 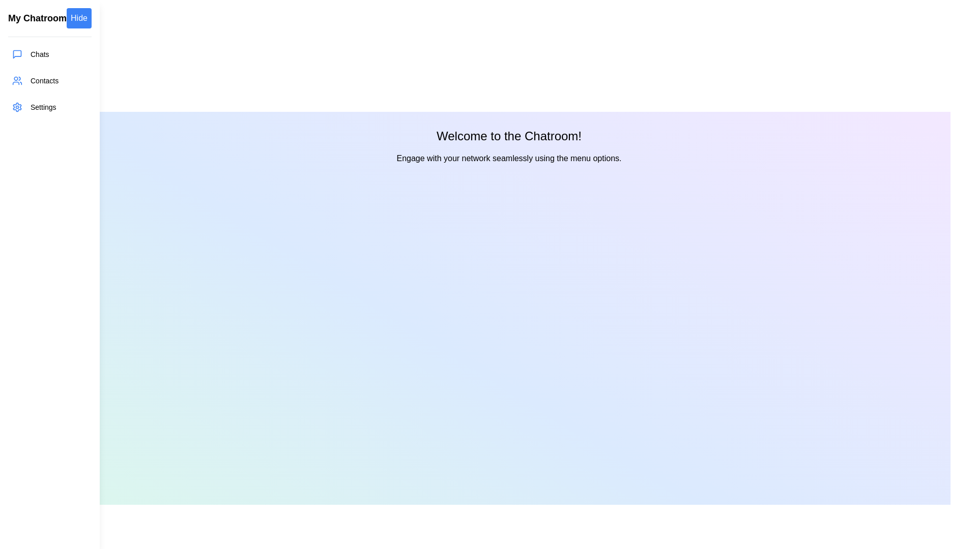 What do you see at coordinates (49, 80) in the screenshot?
I see `the menu item Contacts to see its hover effect` at bounding box center [49, 80].